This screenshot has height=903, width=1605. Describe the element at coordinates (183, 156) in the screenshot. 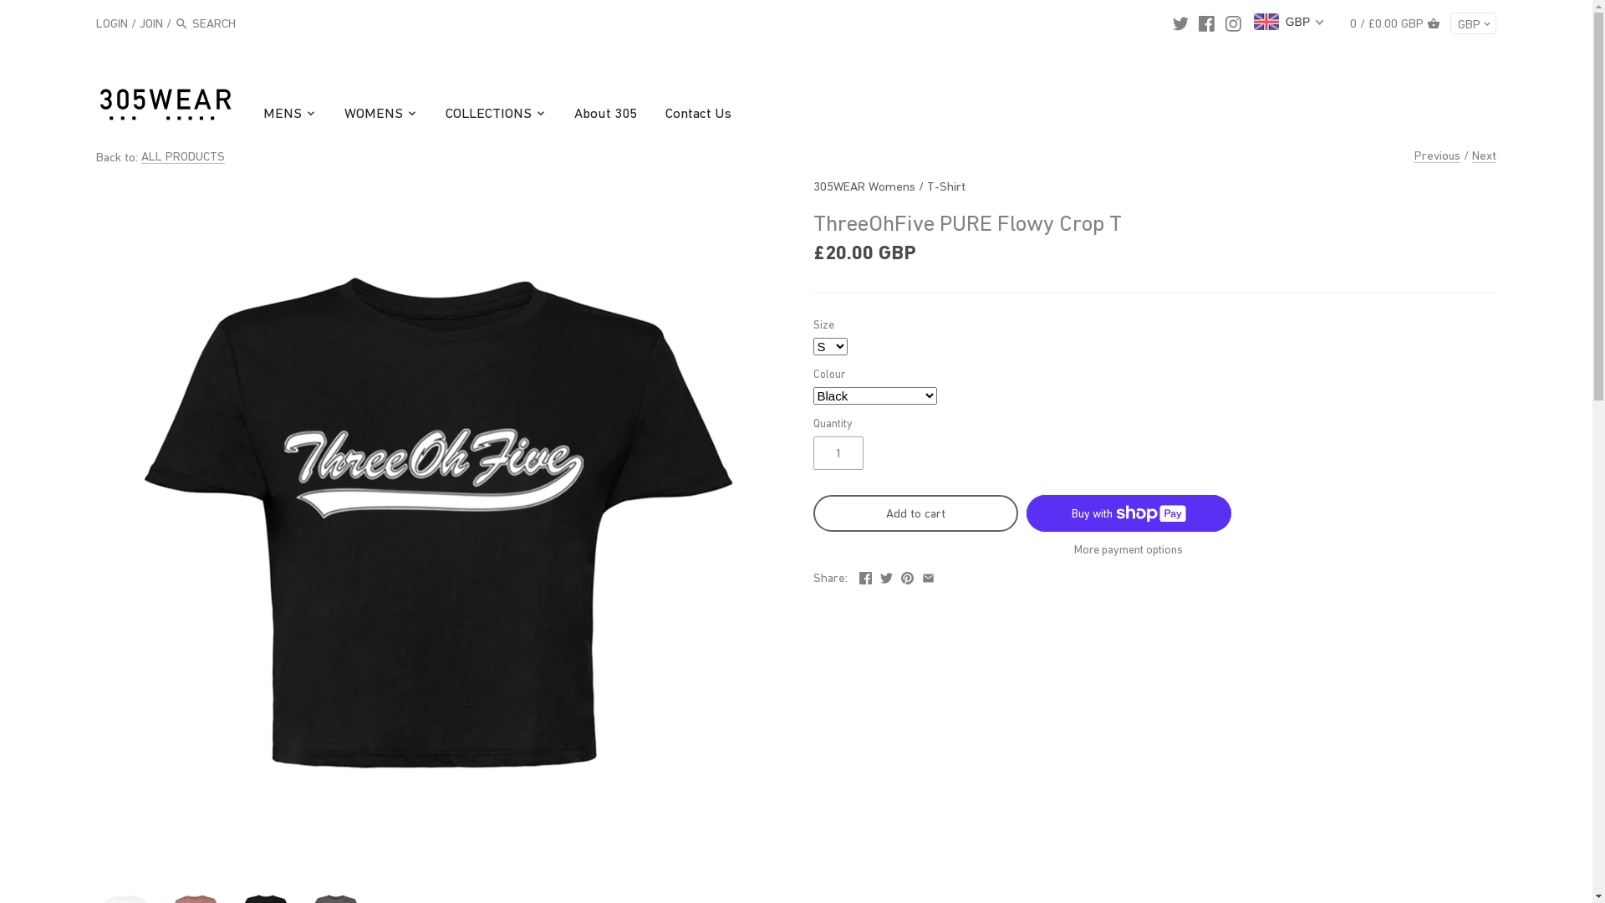

I see `'ALL PRODUCTS'` at that location.